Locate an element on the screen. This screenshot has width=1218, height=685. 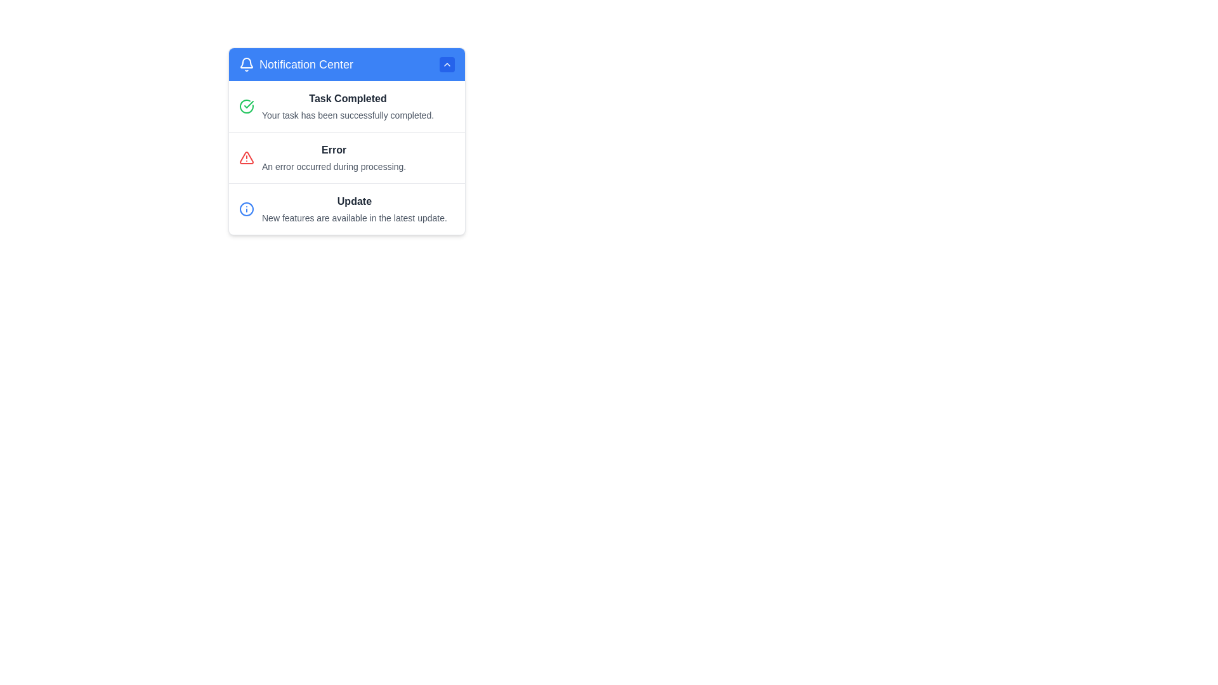
the Text Label that serves as the title for the notification center, located in the blue header bar to the right of the bell icon is located at coordinates (306, 64).